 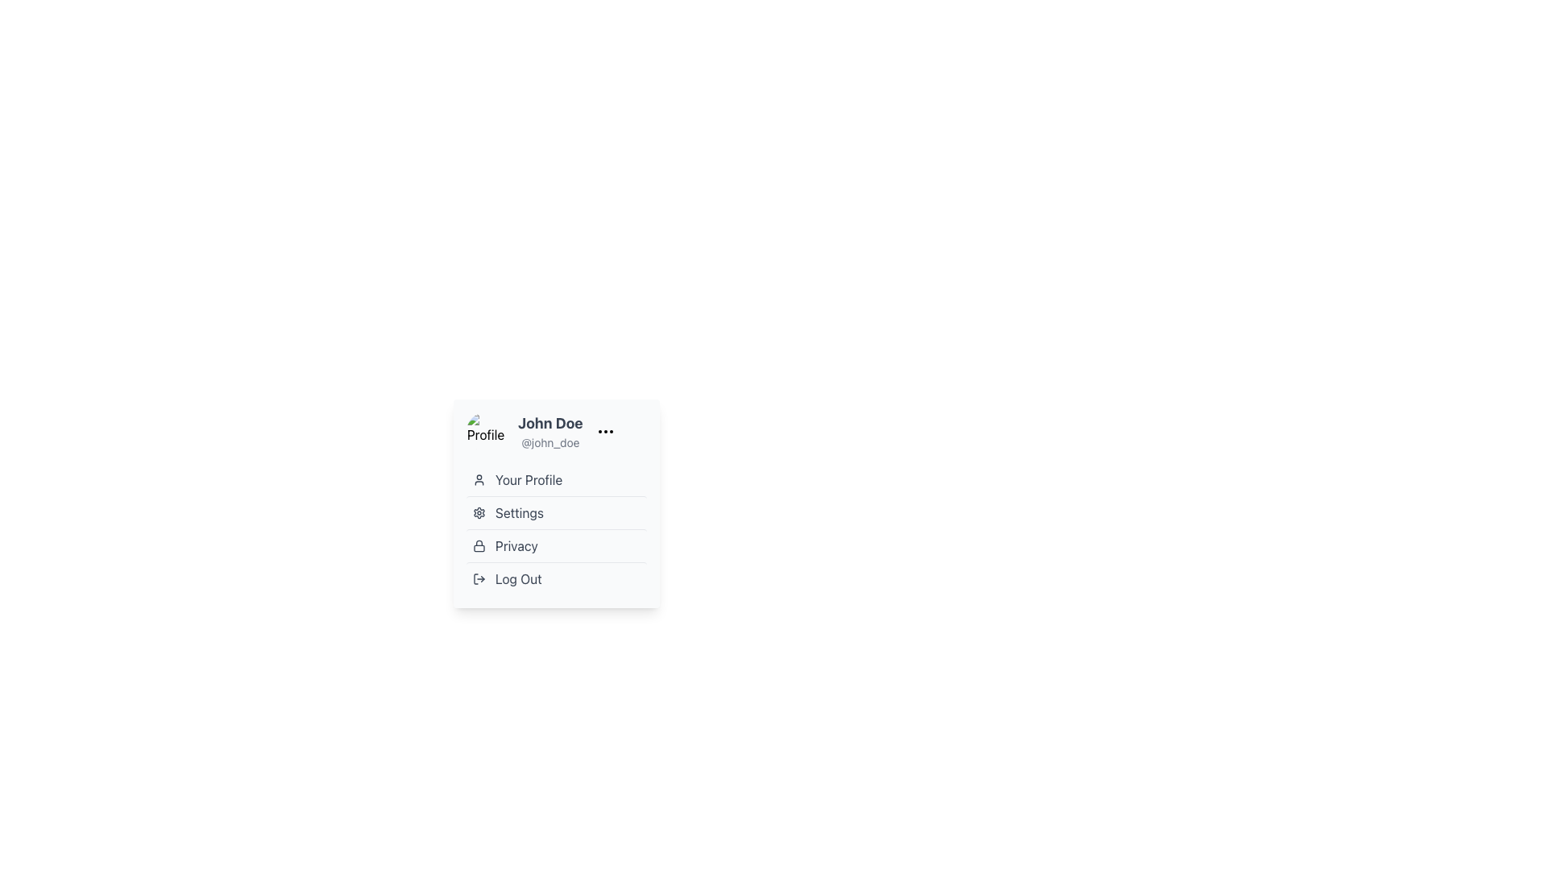 I want to click on the 'Log Out' text in the dropdown menu, so click(x=518, y=578).